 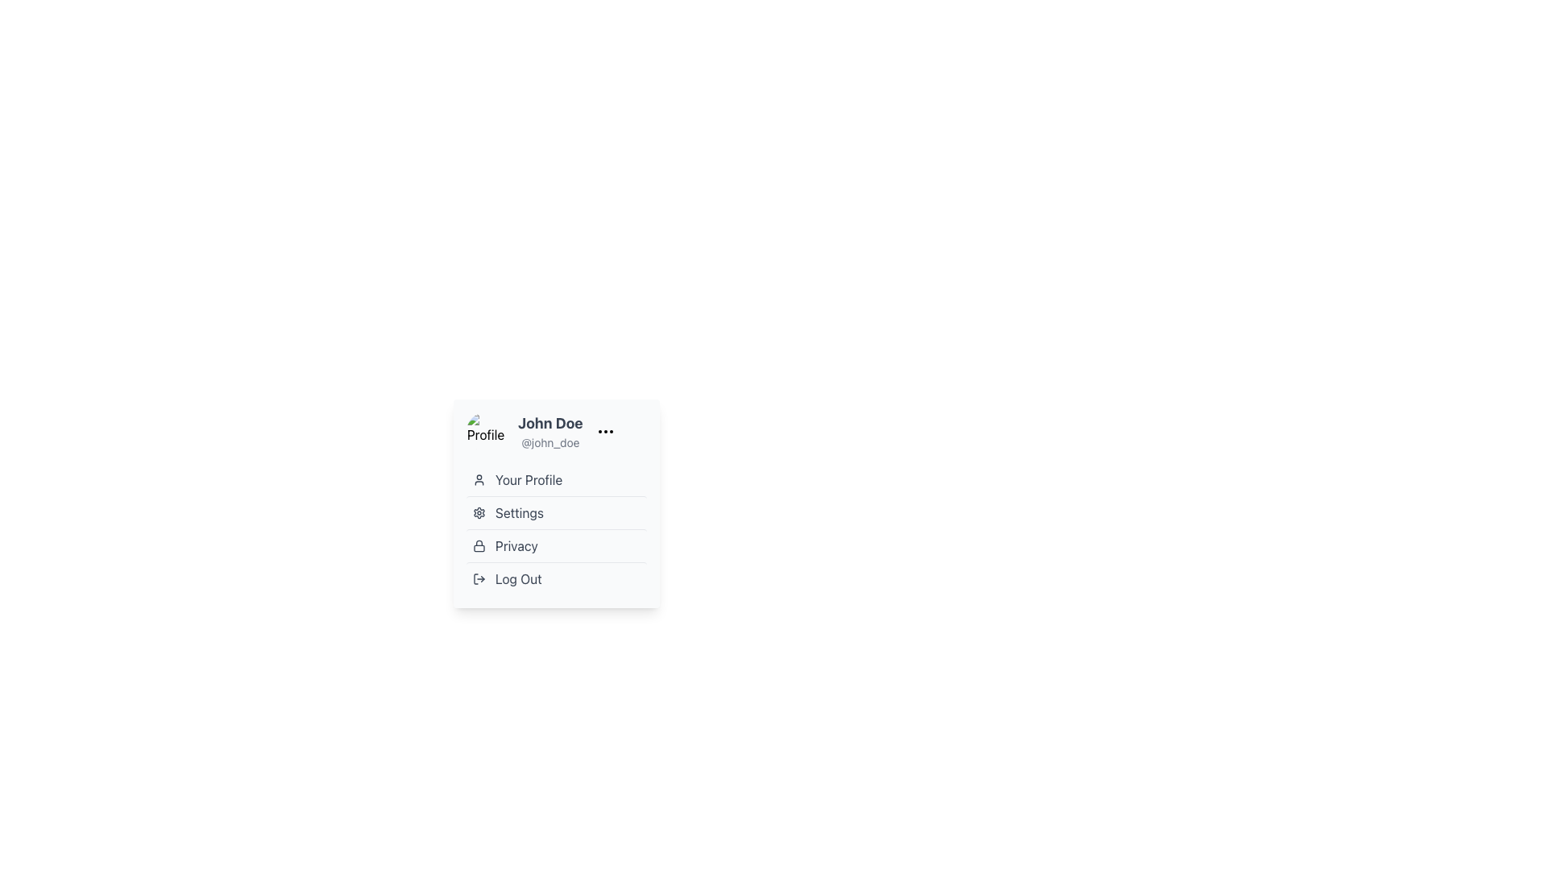 I want to click on the 'Log Out' text in the dropdown menu, so click(x=518, y=578).